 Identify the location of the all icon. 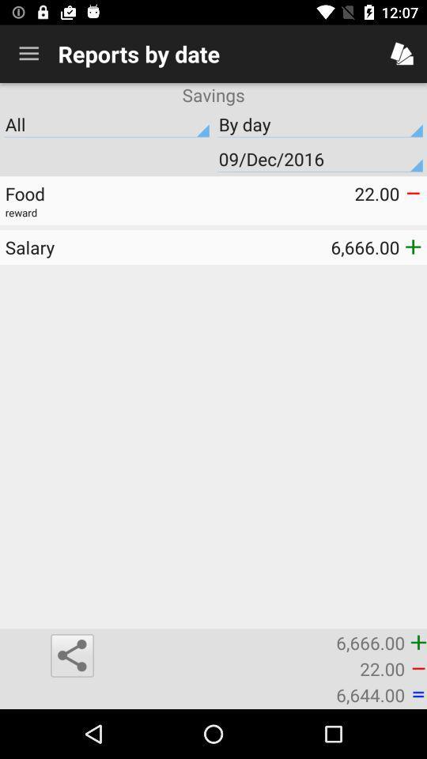
(107, 123).